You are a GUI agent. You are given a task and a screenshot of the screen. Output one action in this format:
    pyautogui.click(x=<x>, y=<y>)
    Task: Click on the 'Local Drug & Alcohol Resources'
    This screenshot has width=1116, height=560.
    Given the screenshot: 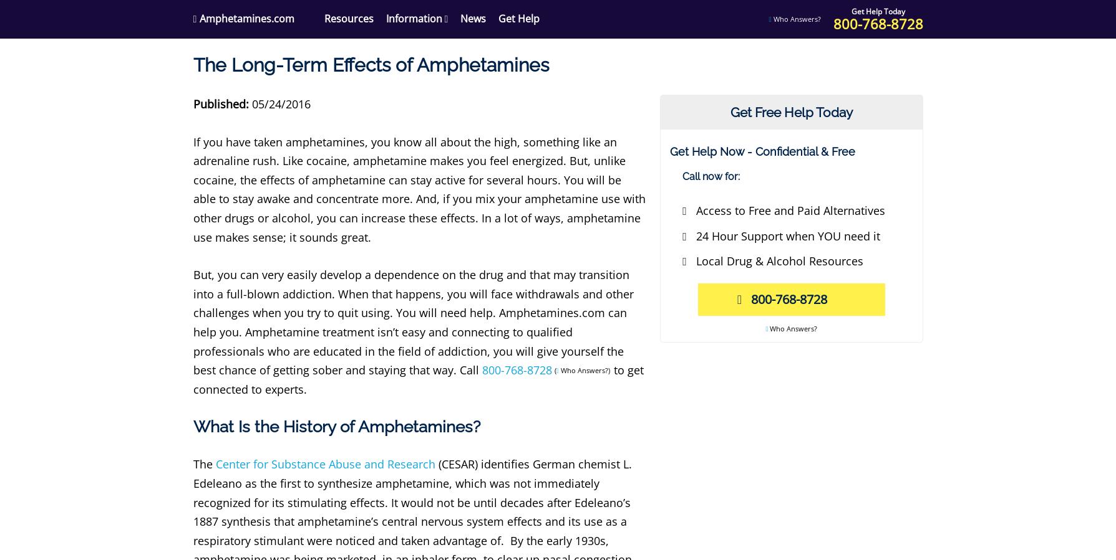 What is the action you would take?
    pyautogui.click(x=777, y=260)
    